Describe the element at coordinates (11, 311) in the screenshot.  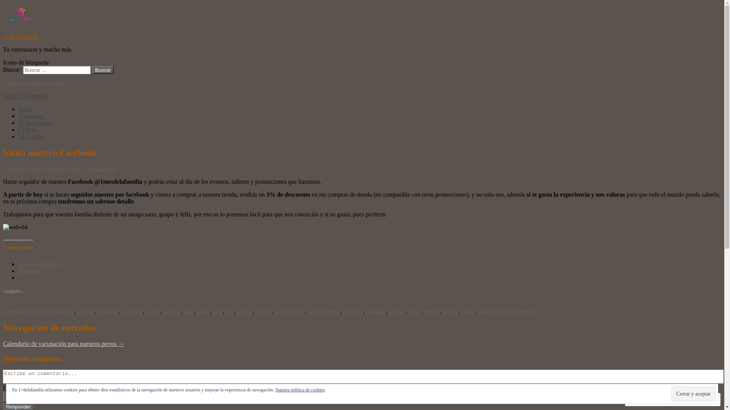
I see `'Tienda'` at that location.